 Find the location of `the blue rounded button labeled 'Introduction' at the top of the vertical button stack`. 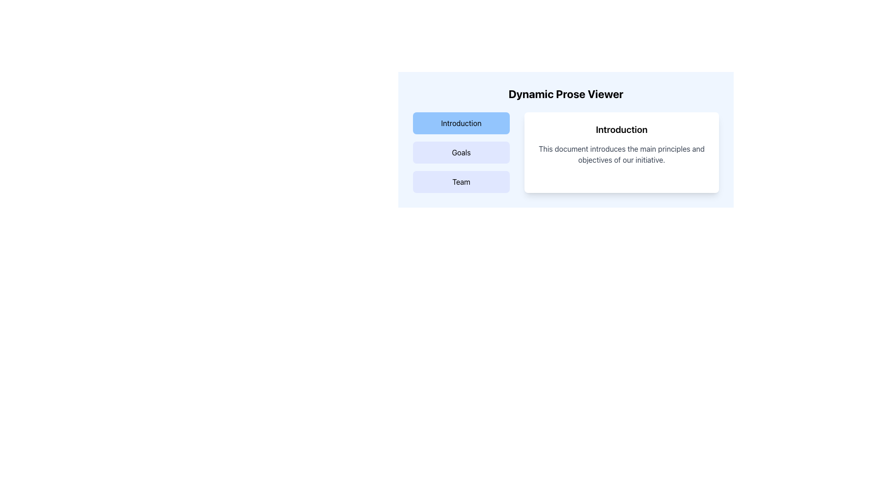

the blue rounded button labeled 'Introduction' at the top of the vertical button stack is located at coordinates (461, 123).